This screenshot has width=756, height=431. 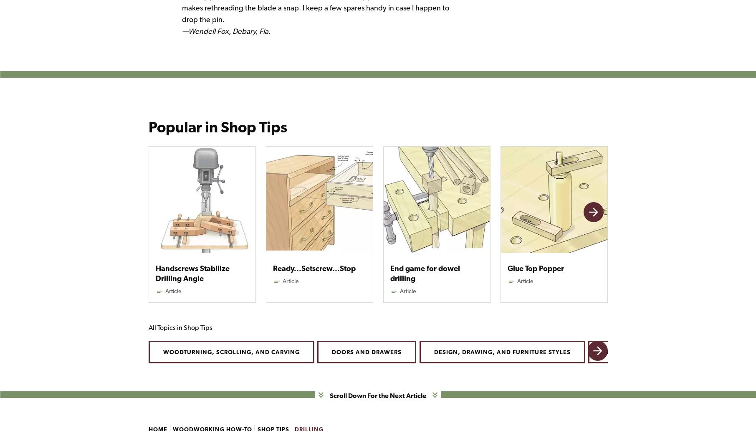 I want to click on 'Handscrews Stabilize Drilling Angle', so click(x=192, y=272).